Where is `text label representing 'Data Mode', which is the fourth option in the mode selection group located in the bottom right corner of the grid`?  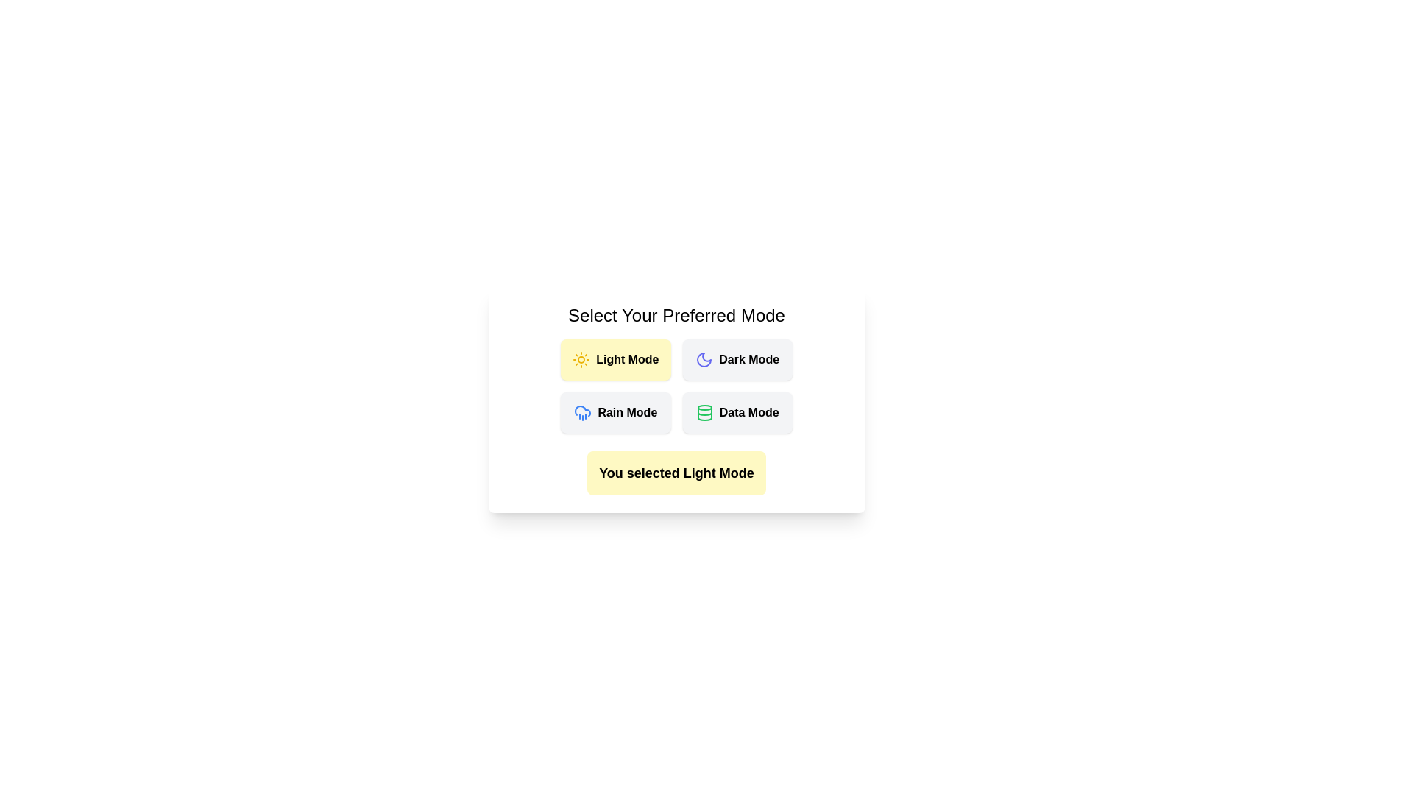 text label representing 'Data Mode', which is the fourth option in the mode selection group located in the bottom right corner of the grid is located at coordinates (749, 412).